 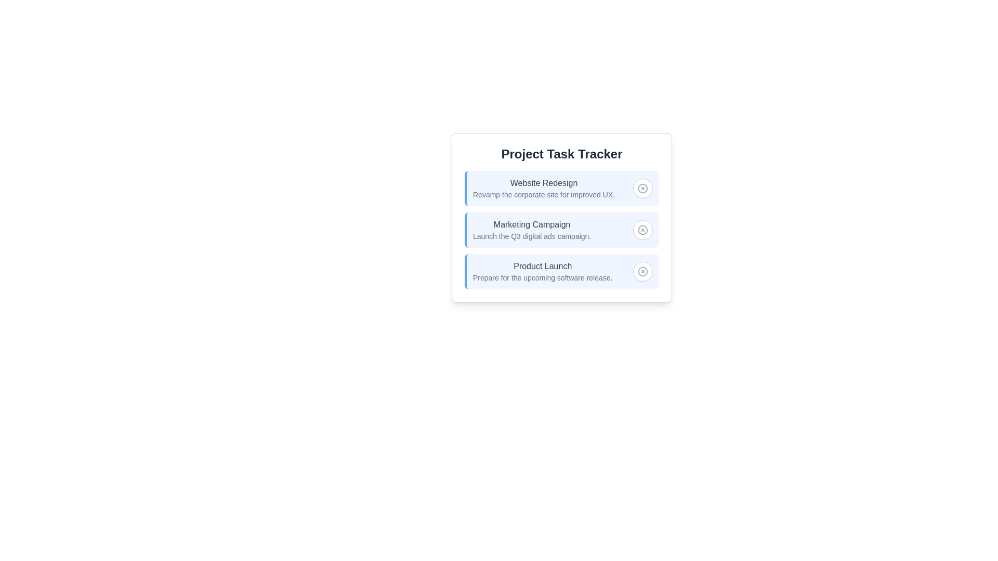 What do you see at coordinates (642, 188) in the screenshot?
I see `toggle button for the project named Website Redesign` at bounding box center [642, 188].